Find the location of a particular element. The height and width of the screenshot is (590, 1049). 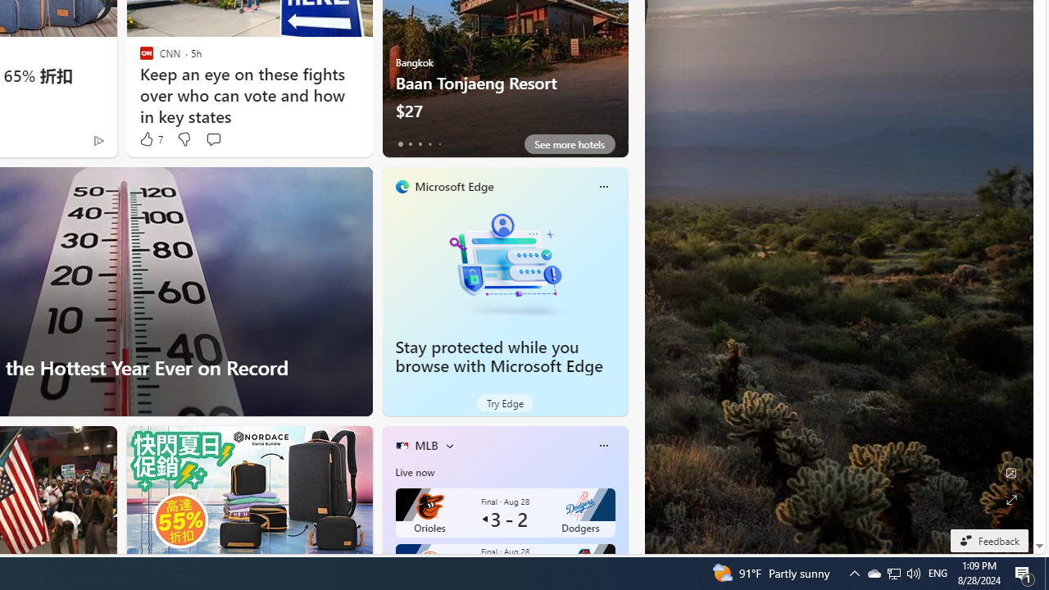

'Try Edge' is located at coordinates (504, 403).